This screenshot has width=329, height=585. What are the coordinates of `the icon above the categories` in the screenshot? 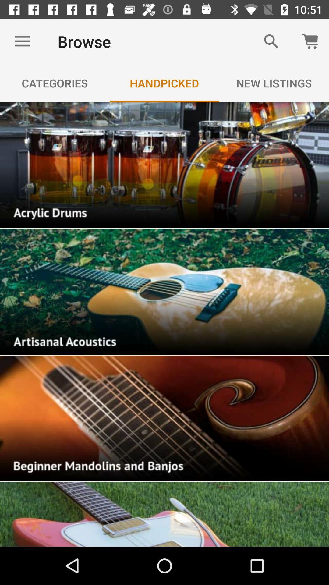 It's located at (22, 41).